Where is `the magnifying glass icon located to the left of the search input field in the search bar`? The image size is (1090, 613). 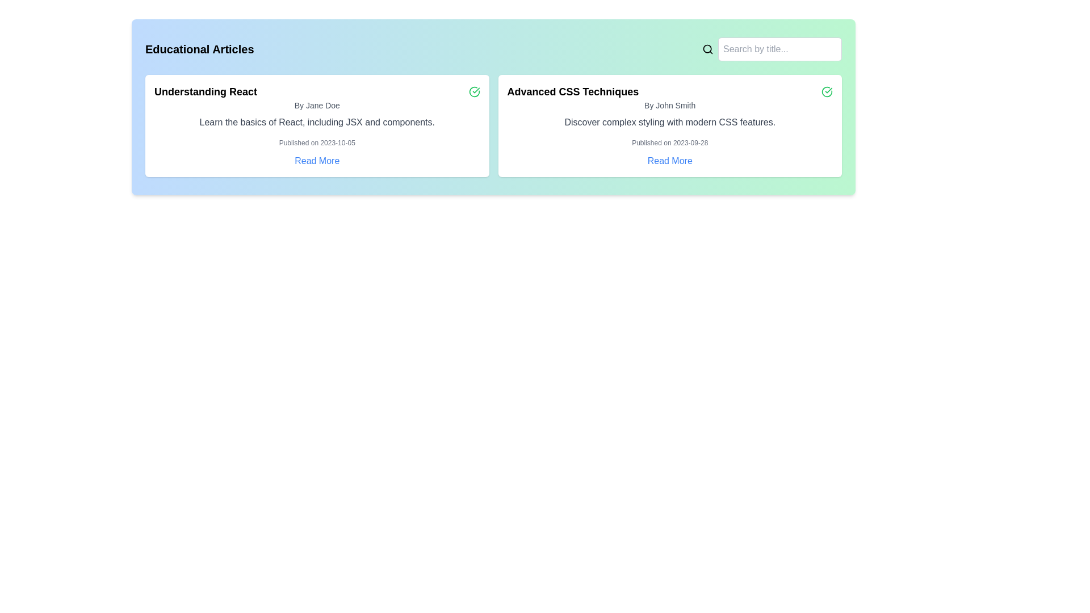 the magnifying glass icon located to the left of the search input field in the search bar is located at coordinates (707, 49).